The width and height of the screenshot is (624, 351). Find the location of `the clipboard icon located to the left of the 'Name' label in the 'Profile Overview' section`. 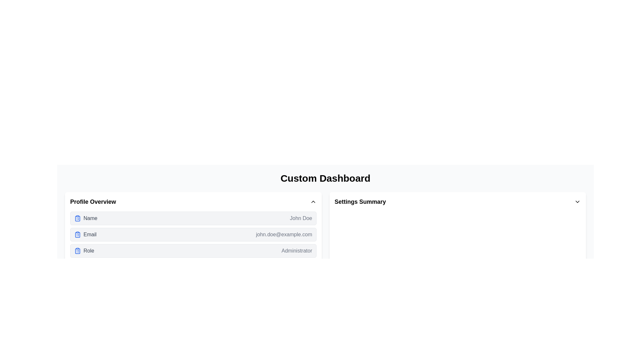

the clipboard icon located to the left of the 'Name' label in the 'Profile Overview' section is located at coordinates (78, 218).